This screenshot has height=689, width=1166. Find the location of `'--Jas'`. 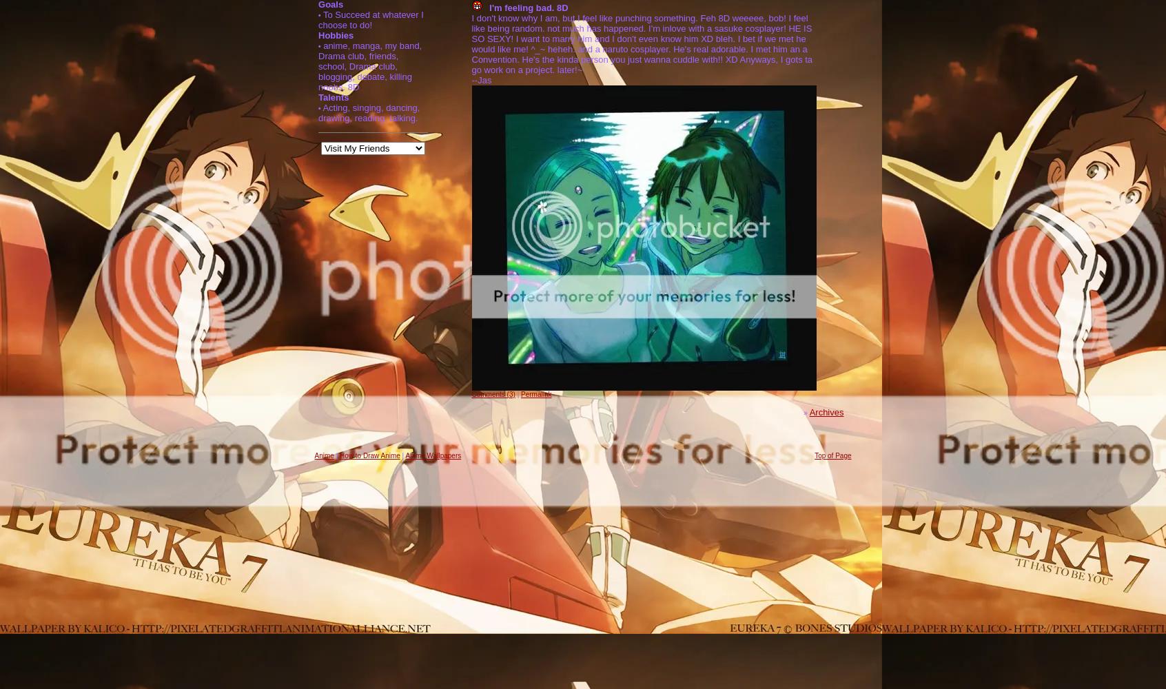

'--Jas' is located at coordinates (481, 79).